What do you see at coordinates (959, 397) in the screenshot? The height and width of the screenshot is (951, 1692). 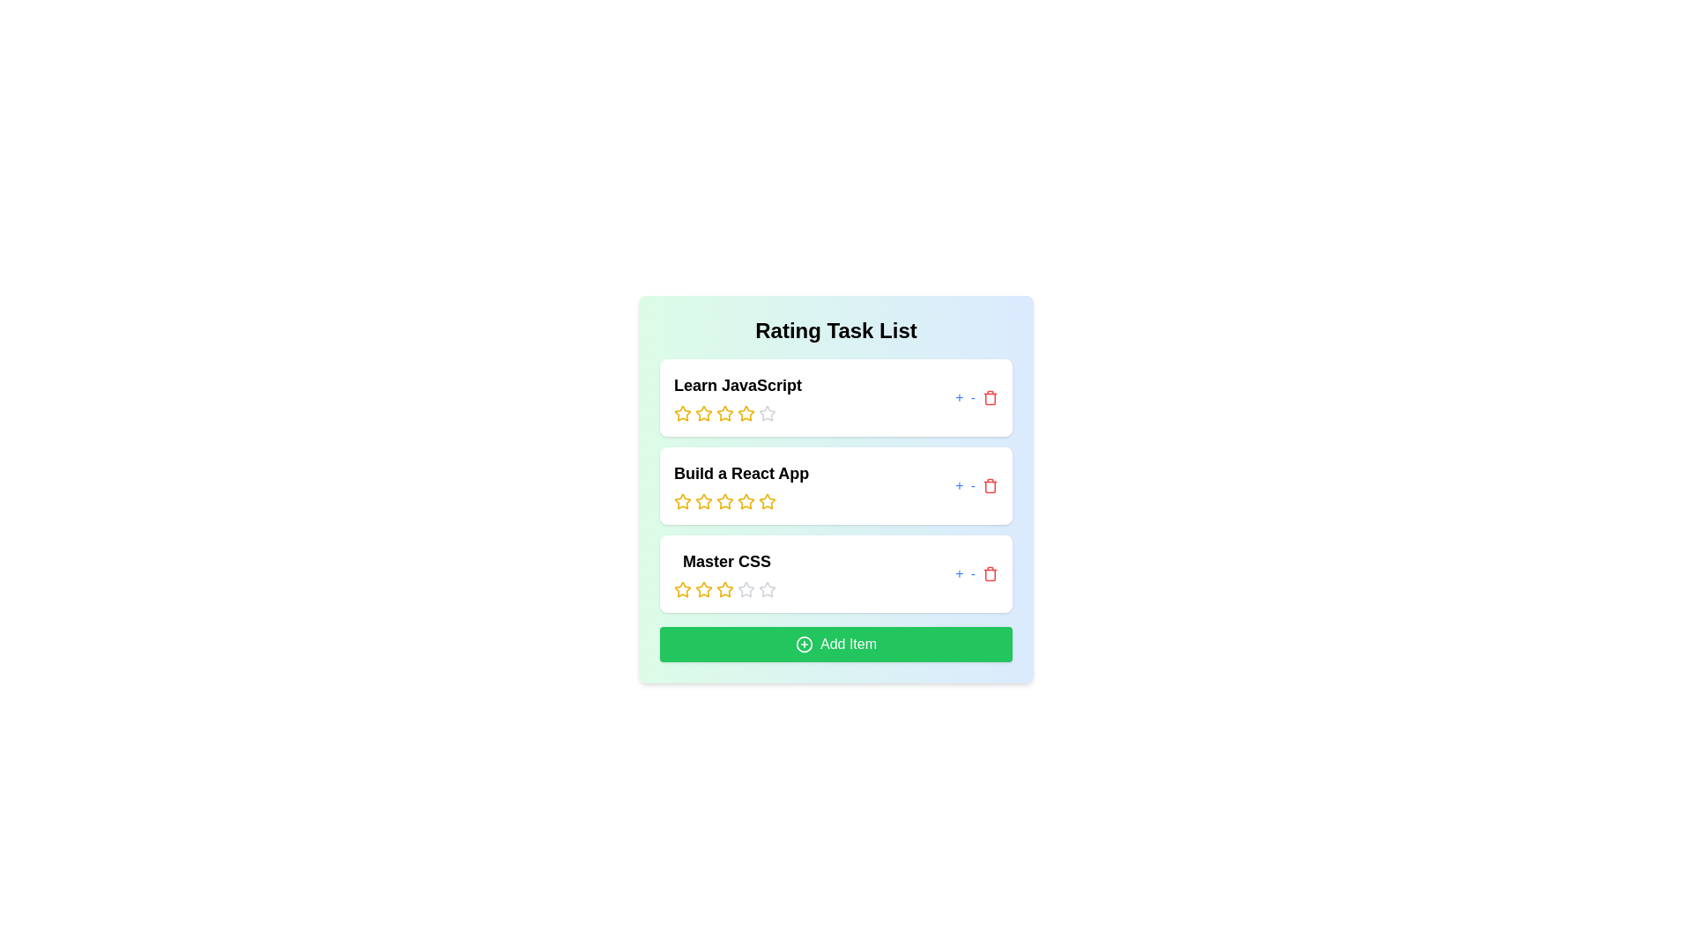 I see `'+' button to increase the rating of the item 'Learn JavaScript' by 1` at bounding box center [959, 397].